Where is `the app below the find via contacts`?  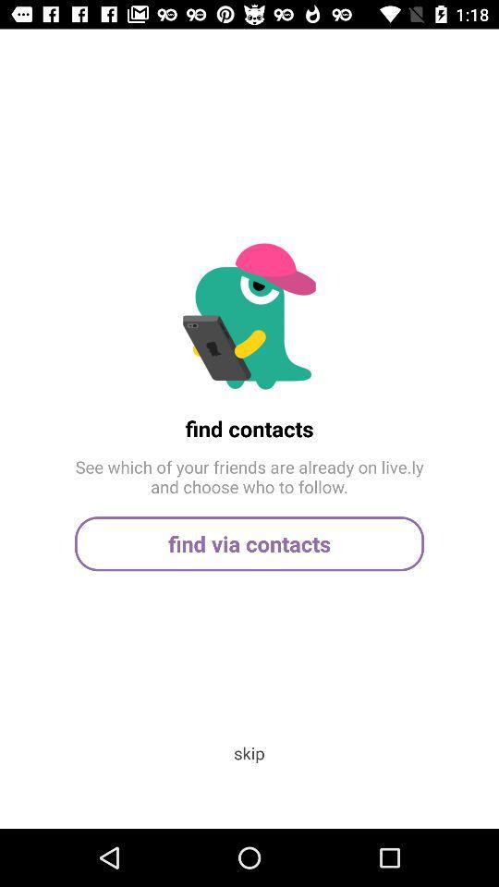
the app below the find via contacts is located at coordinates (249, 753).